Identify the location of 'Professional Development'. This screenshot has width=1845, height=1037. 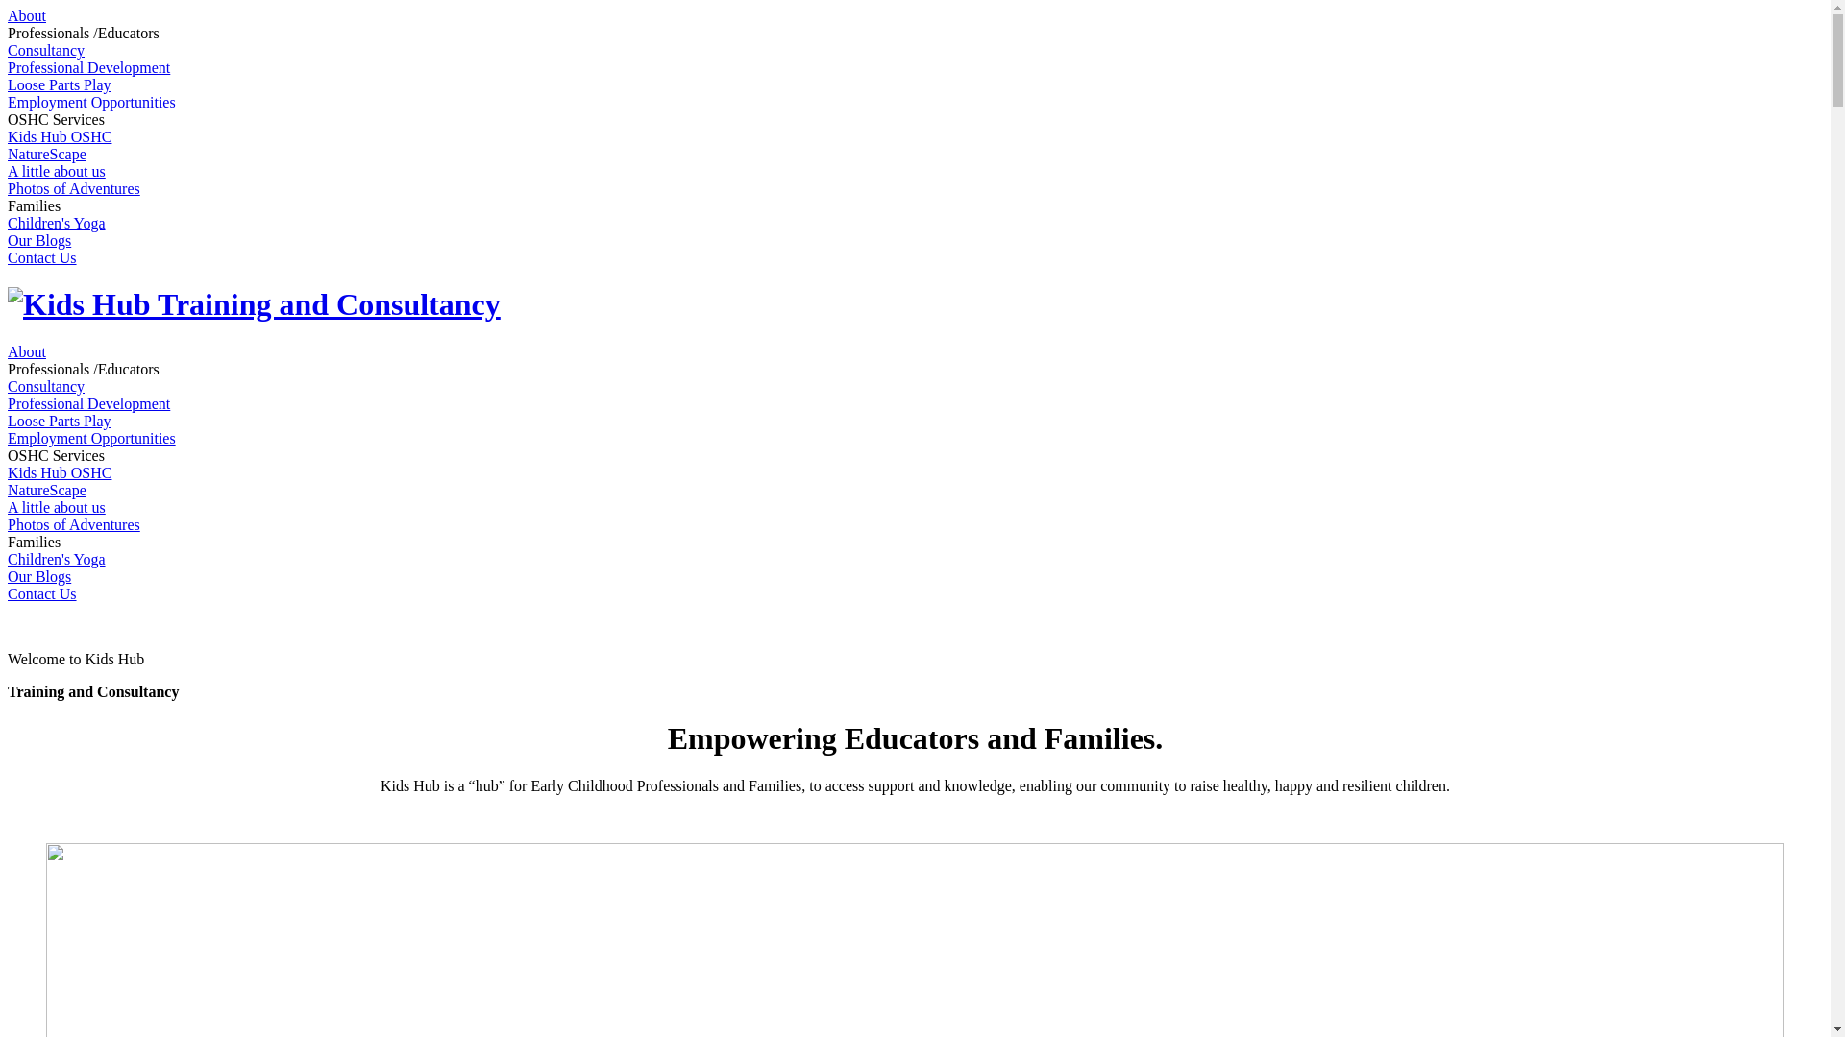
(87, 66).